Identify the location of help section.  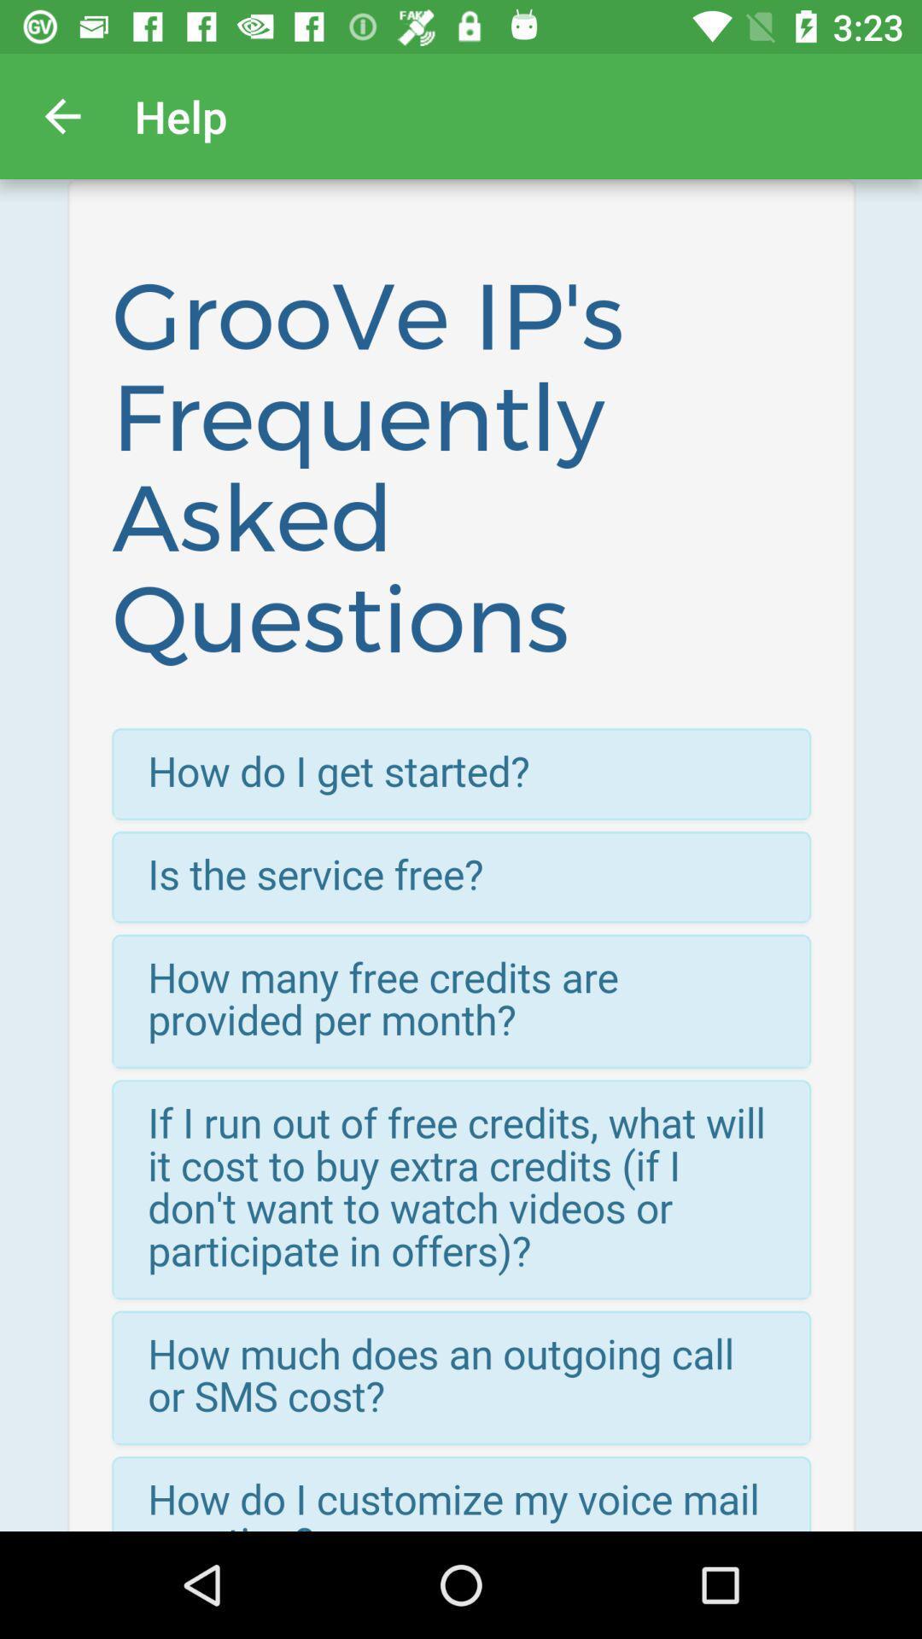
(461, 855).